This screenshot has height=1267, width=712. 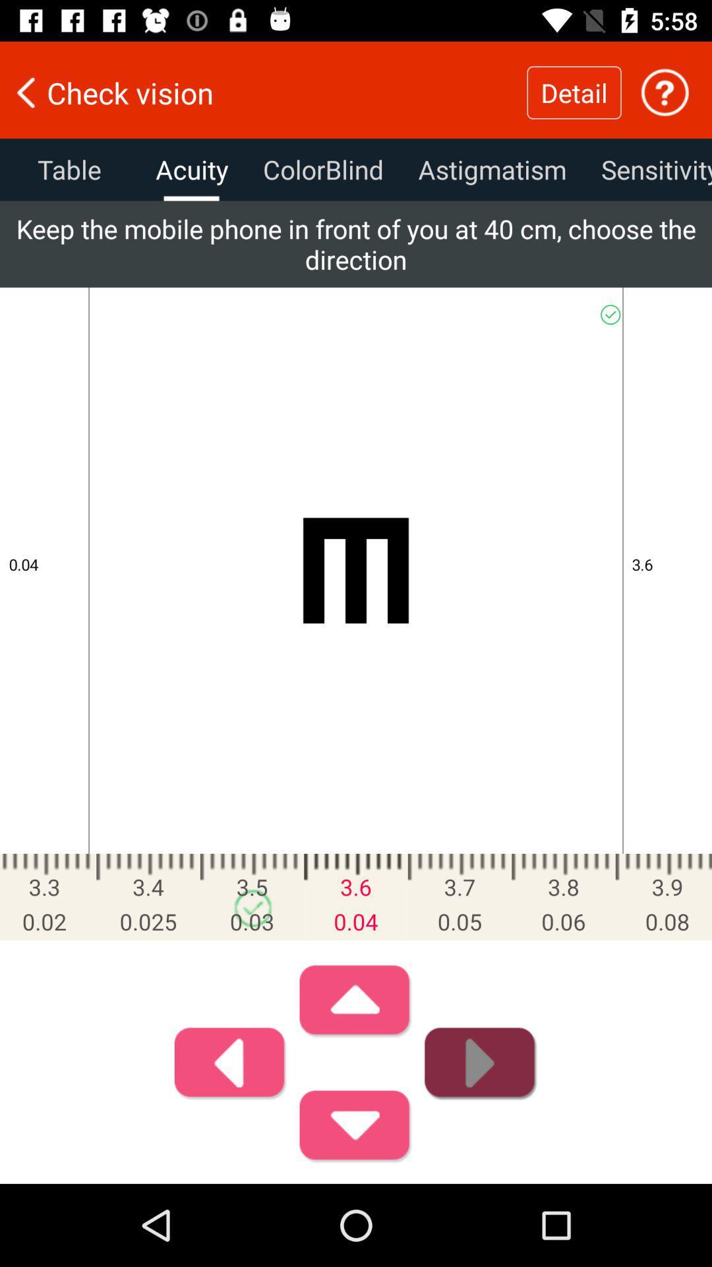 What do you see at coordinates (665, 92) in the screenshot?
I see `help menu` at bounding box center [665, 92].